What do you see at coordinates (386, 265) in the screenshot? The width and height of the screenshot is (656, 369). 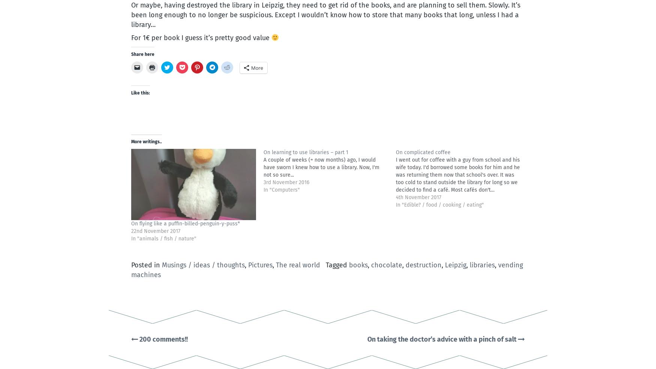 I see `'chocolate'` at bounding box center [386, 265].